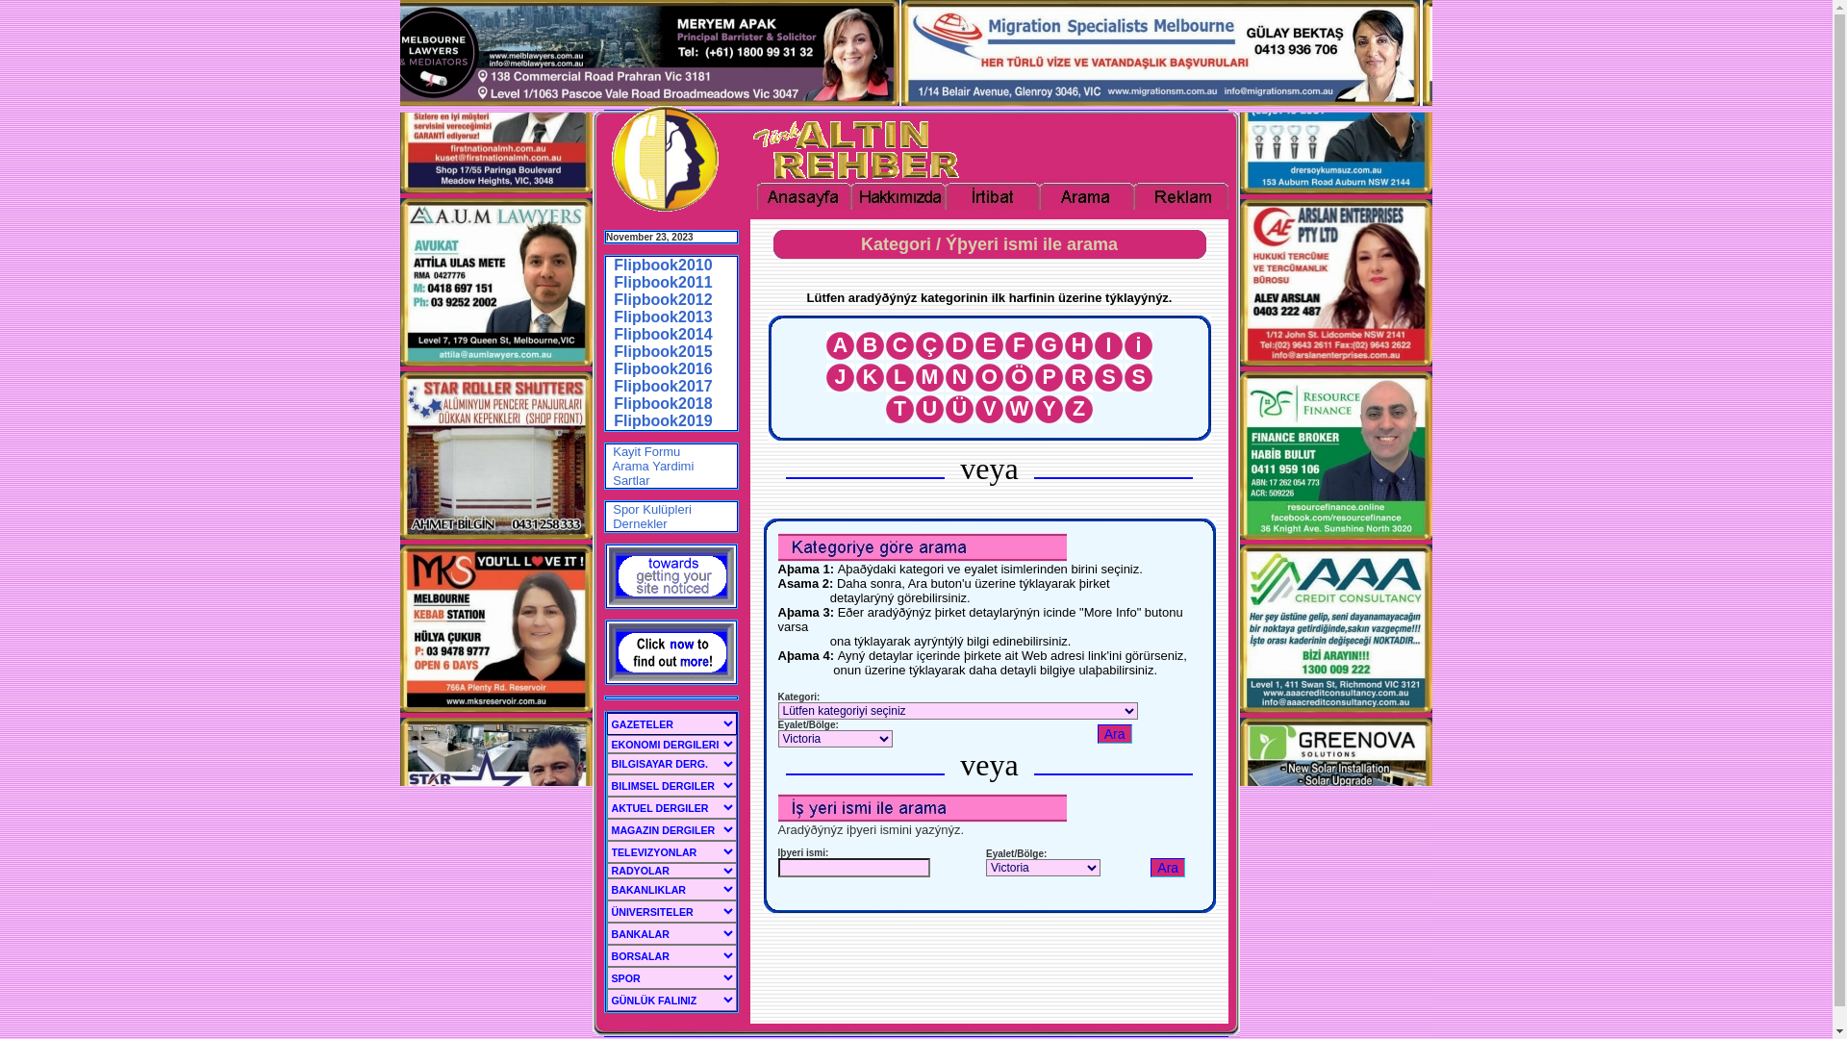  I want to click on 'N', so click(959, 380).